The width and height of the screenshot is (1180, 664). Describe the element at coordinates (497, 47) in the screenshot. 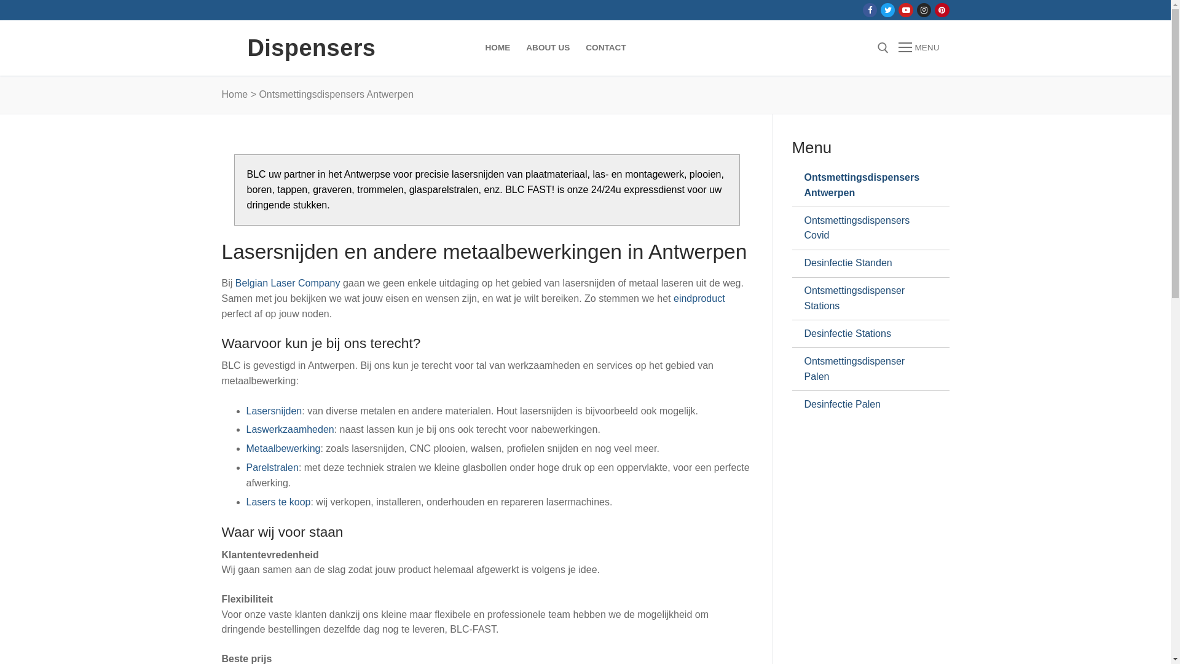

I see `'HOME'` at that location.